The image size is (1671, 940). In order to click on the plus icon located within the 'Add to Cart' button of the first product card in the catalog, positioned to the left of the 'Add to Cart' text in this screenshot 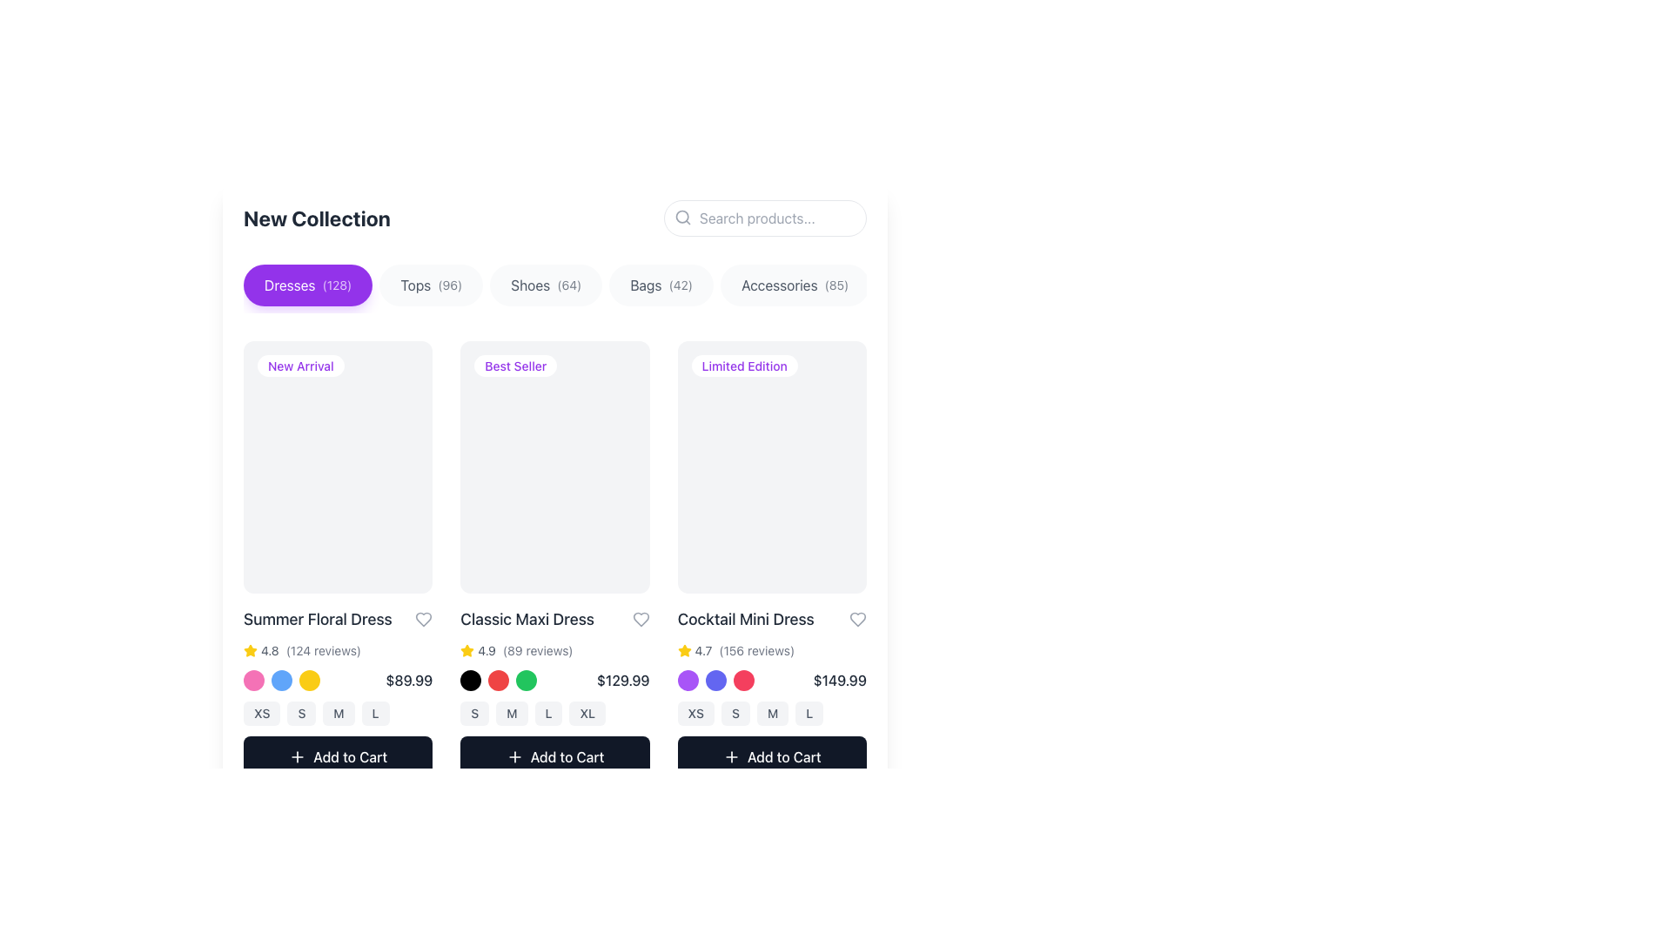, I will do `click(298, 755)`.